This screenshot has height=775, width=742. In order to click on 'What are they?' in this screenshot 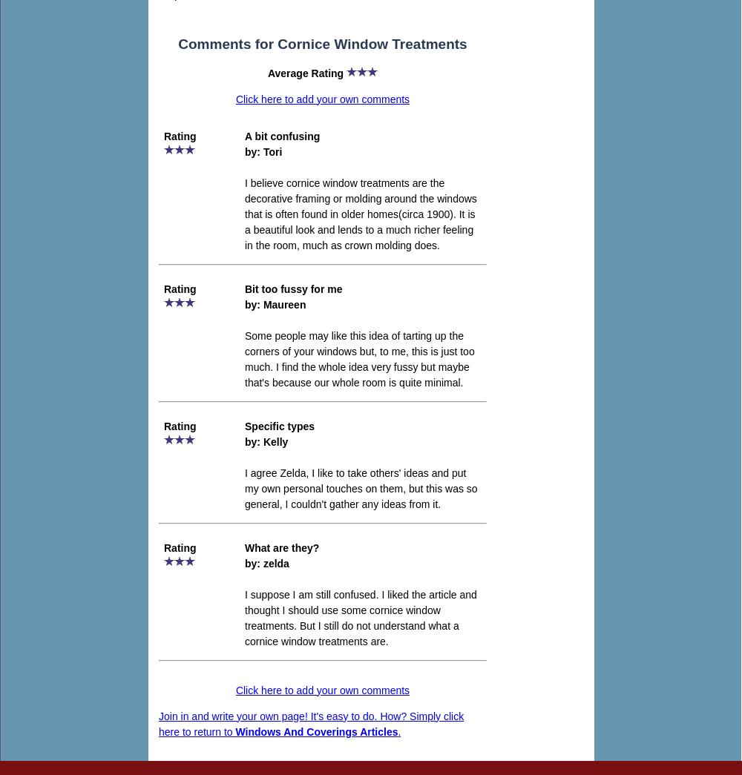, I will do `click(282, 546)`.